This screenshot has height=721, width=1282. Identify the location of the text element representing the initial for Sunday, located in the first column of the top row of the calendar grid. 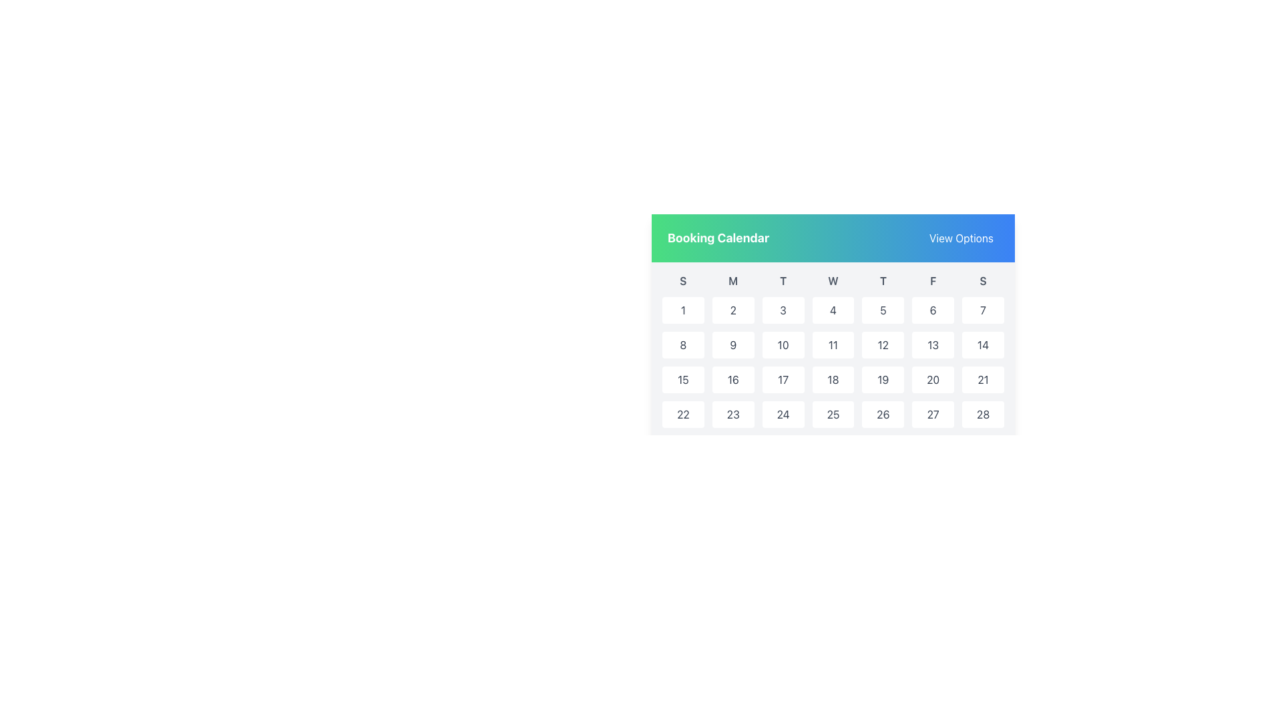
(683, 280).